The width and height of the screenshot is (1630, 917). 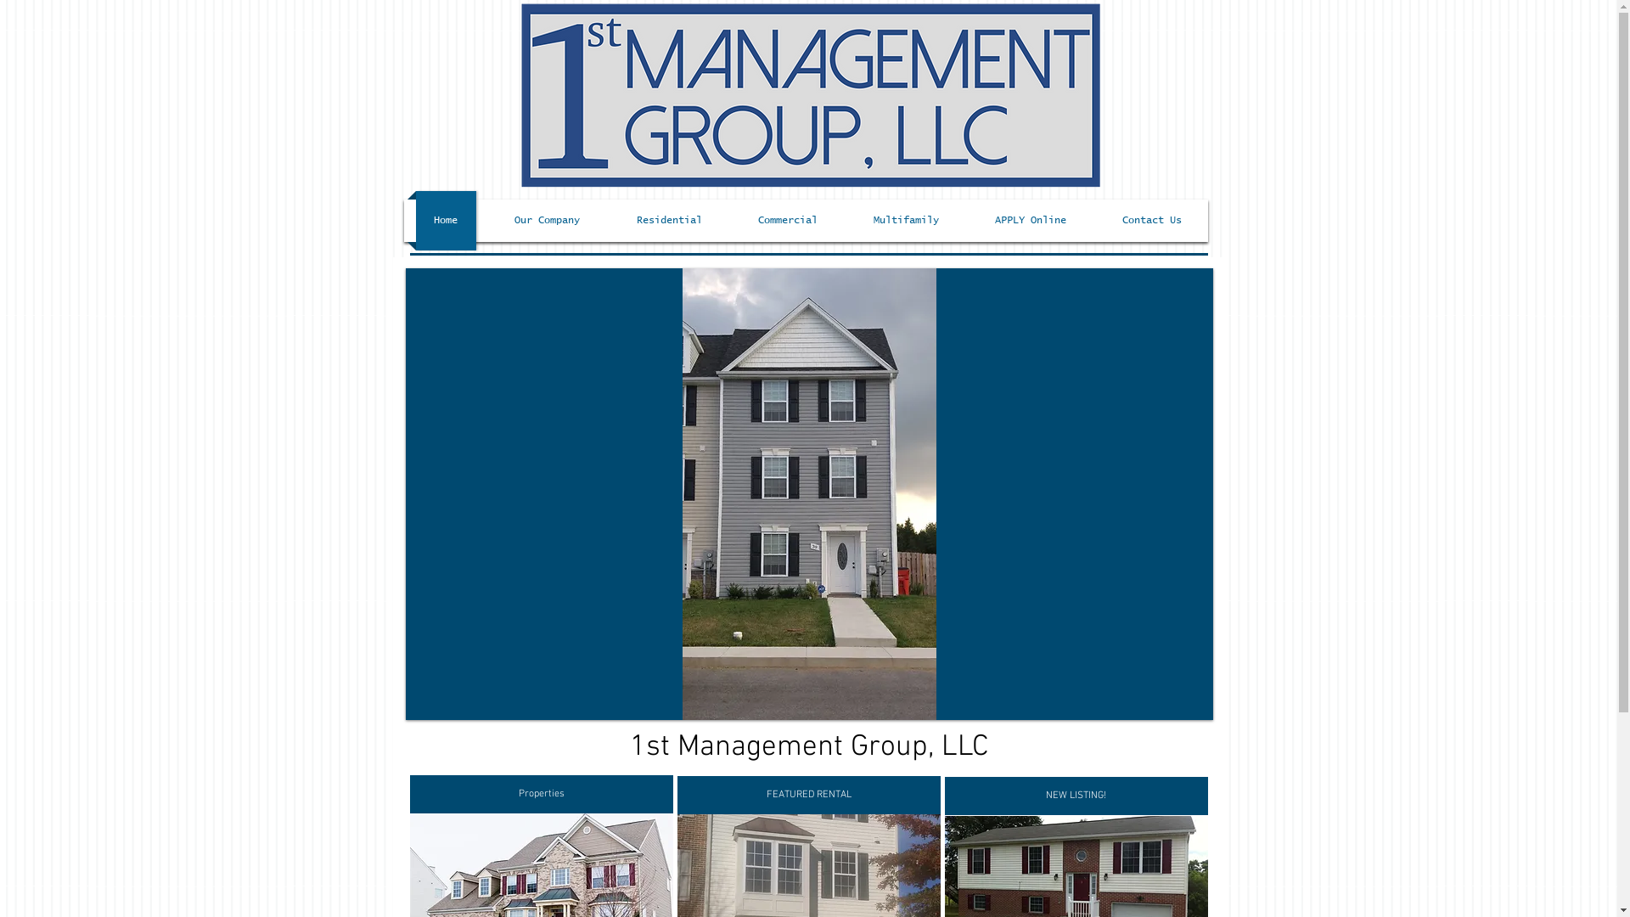 I want to click on 'Commercial', so click(x=786, y=219).